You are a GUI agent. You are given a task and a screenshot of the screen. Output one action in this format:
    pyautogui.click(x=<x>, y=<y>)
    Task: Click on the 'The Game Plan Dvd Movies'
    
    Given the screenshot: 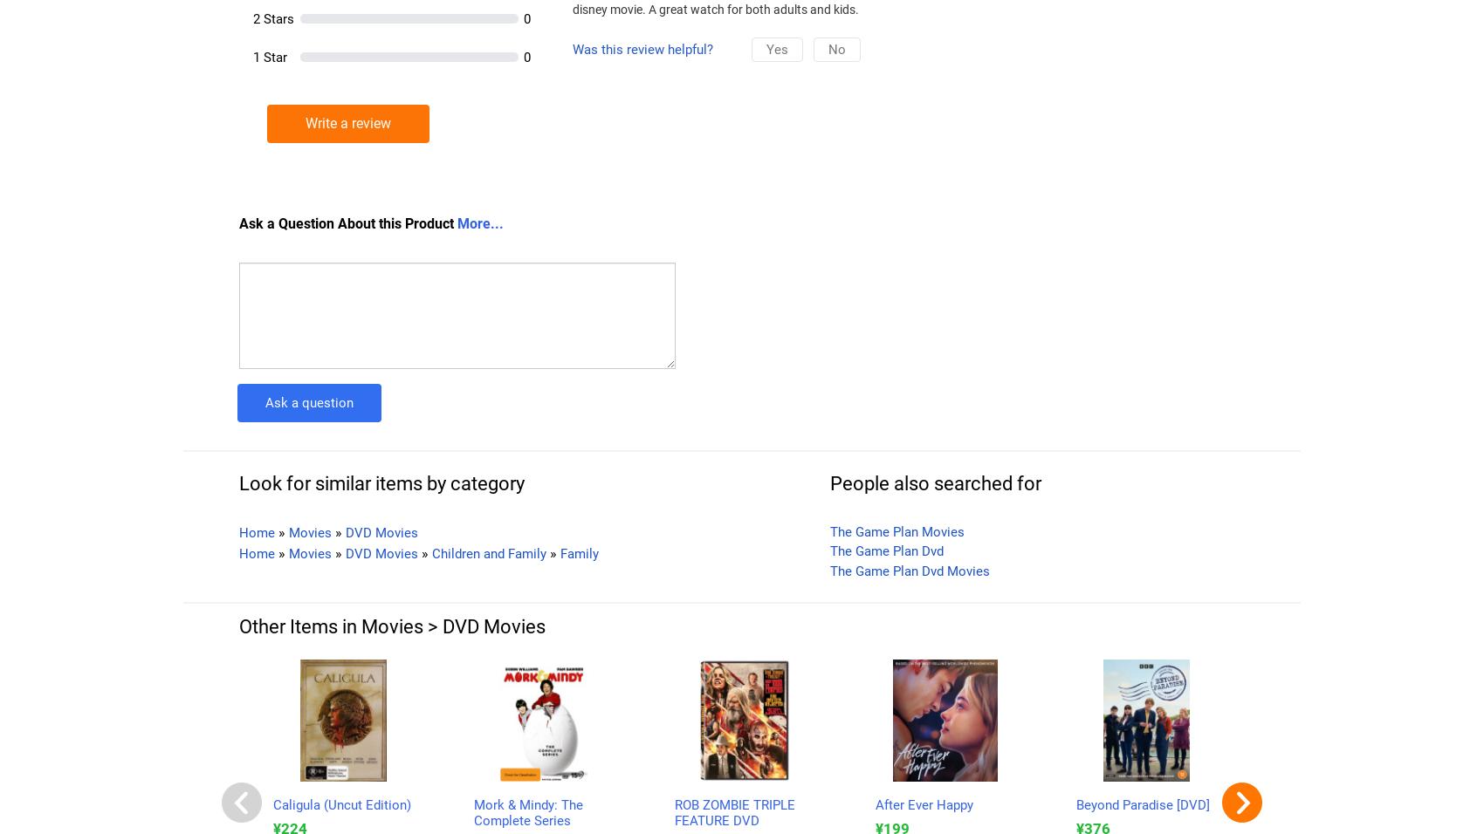 What is the action you would take?
    pyautogui.click(x=909, y=570)
    